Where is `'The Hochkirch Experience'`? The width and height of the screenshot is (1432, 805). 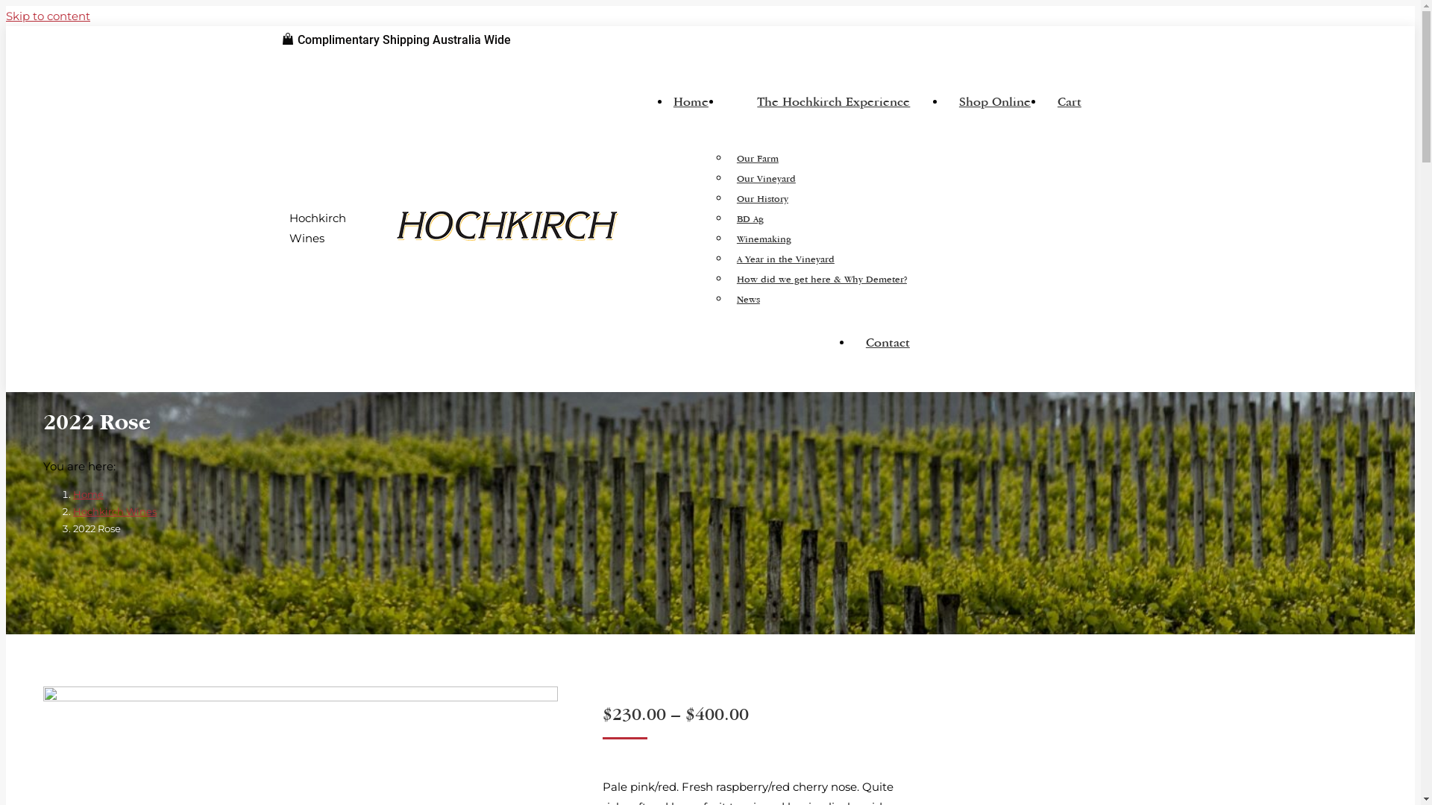 'The Hochkirch Experience' is located at coordinates (833, 107).